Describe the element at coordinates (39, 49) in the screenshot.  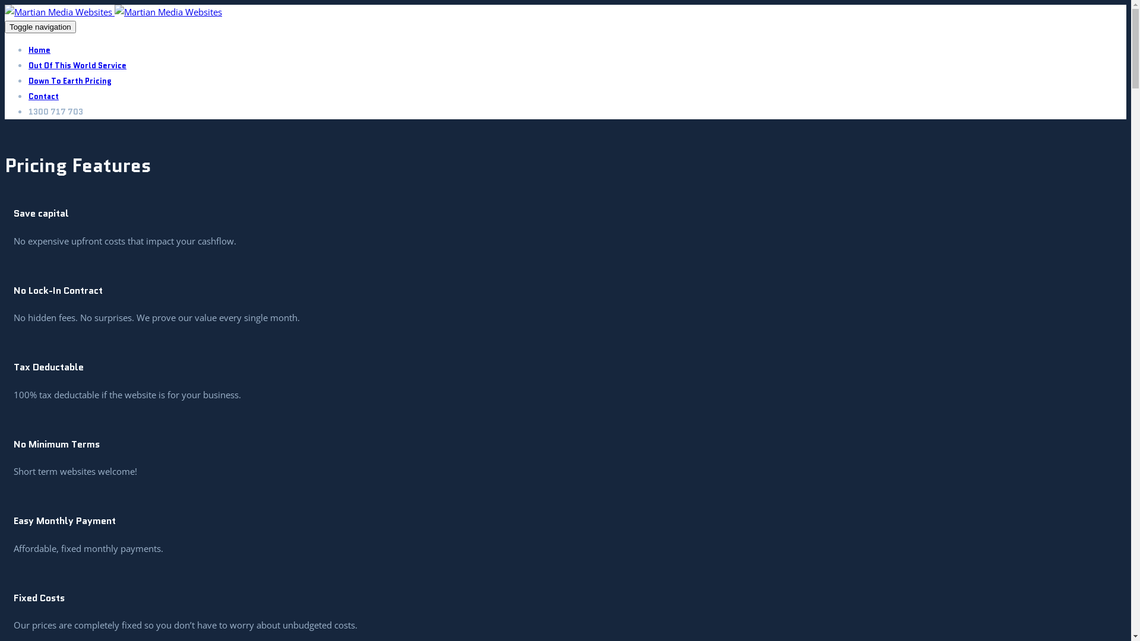
I see `'Home'` at that location.